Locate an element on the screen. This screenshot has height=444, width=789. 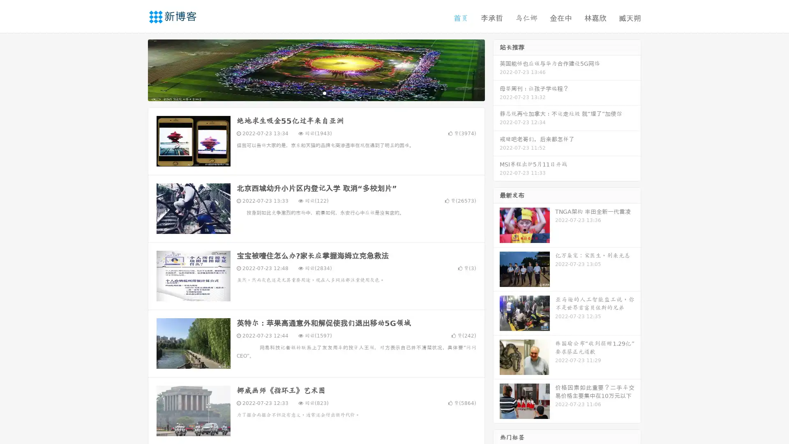
Go to slide 1 is located at coordinates (307, 92).